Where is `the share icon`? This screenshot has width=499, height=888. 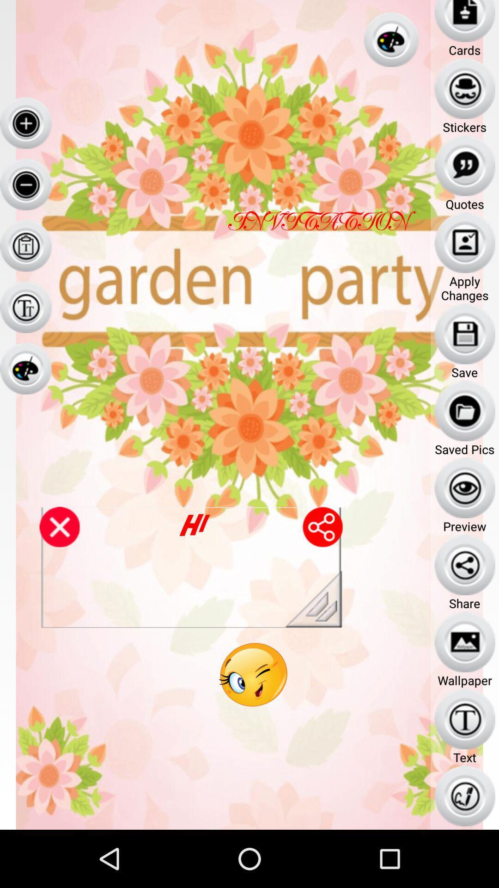
the share icon is located at coordinates (322, 563).